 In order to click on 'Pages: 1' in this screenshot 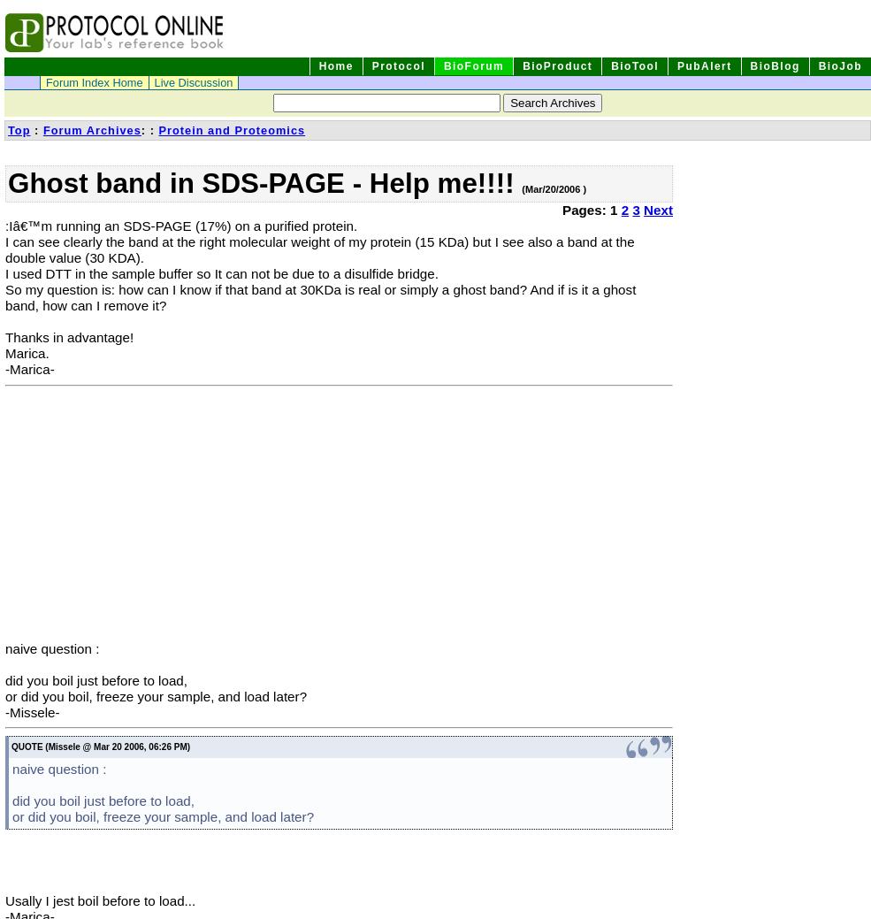, I will do `click(562, 210)`.